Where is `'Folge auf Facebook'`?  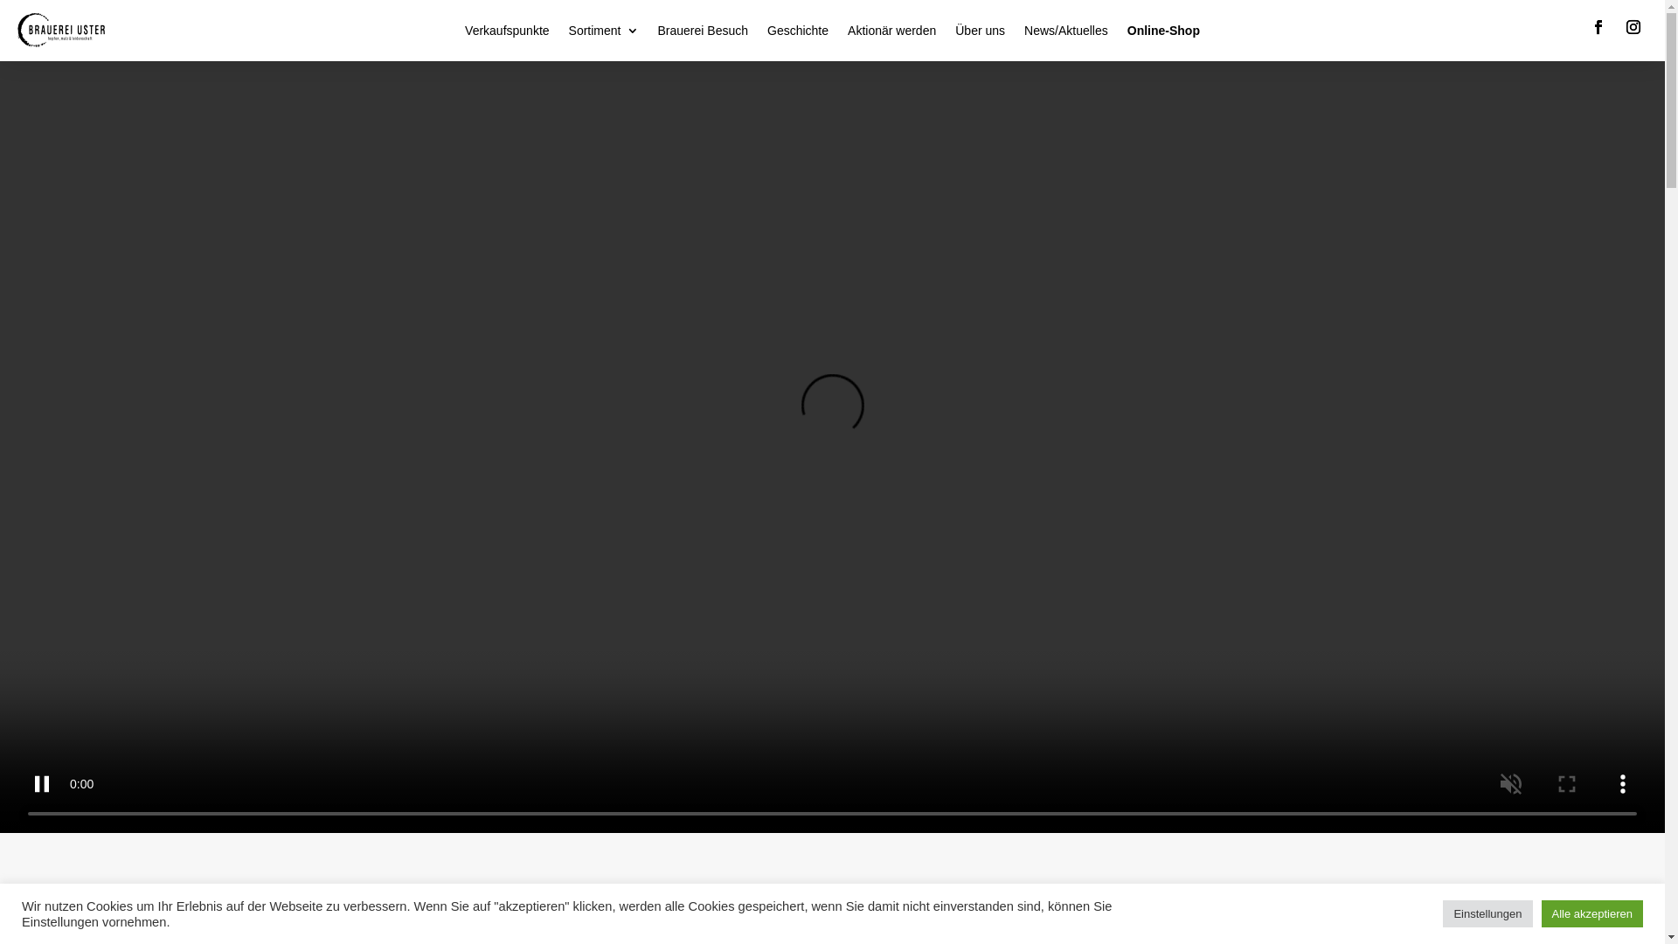
'Folge auf Facebook' is located at coordinates (1598, 26).